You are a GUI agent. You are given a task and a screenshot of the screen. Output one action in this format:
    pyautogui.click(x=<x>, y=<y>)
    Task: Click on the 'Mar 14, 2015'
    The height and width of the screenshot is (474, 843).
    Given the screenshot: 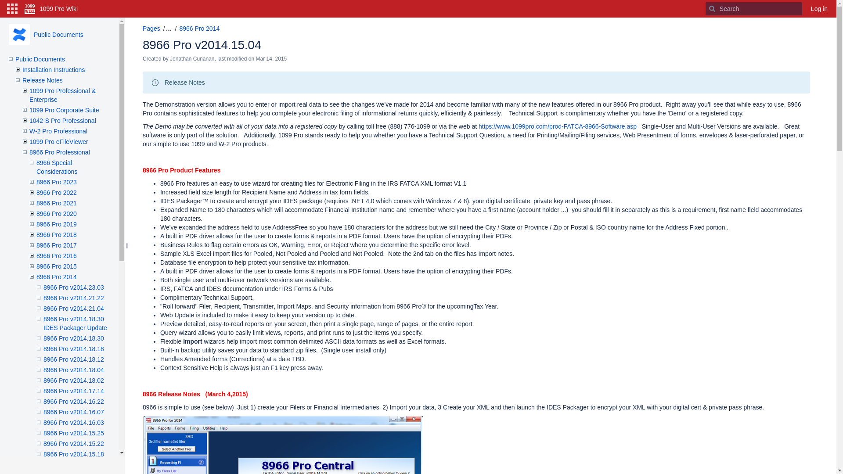 What is the action you would take?
    pyautogui.click(x=255, y=59)
    